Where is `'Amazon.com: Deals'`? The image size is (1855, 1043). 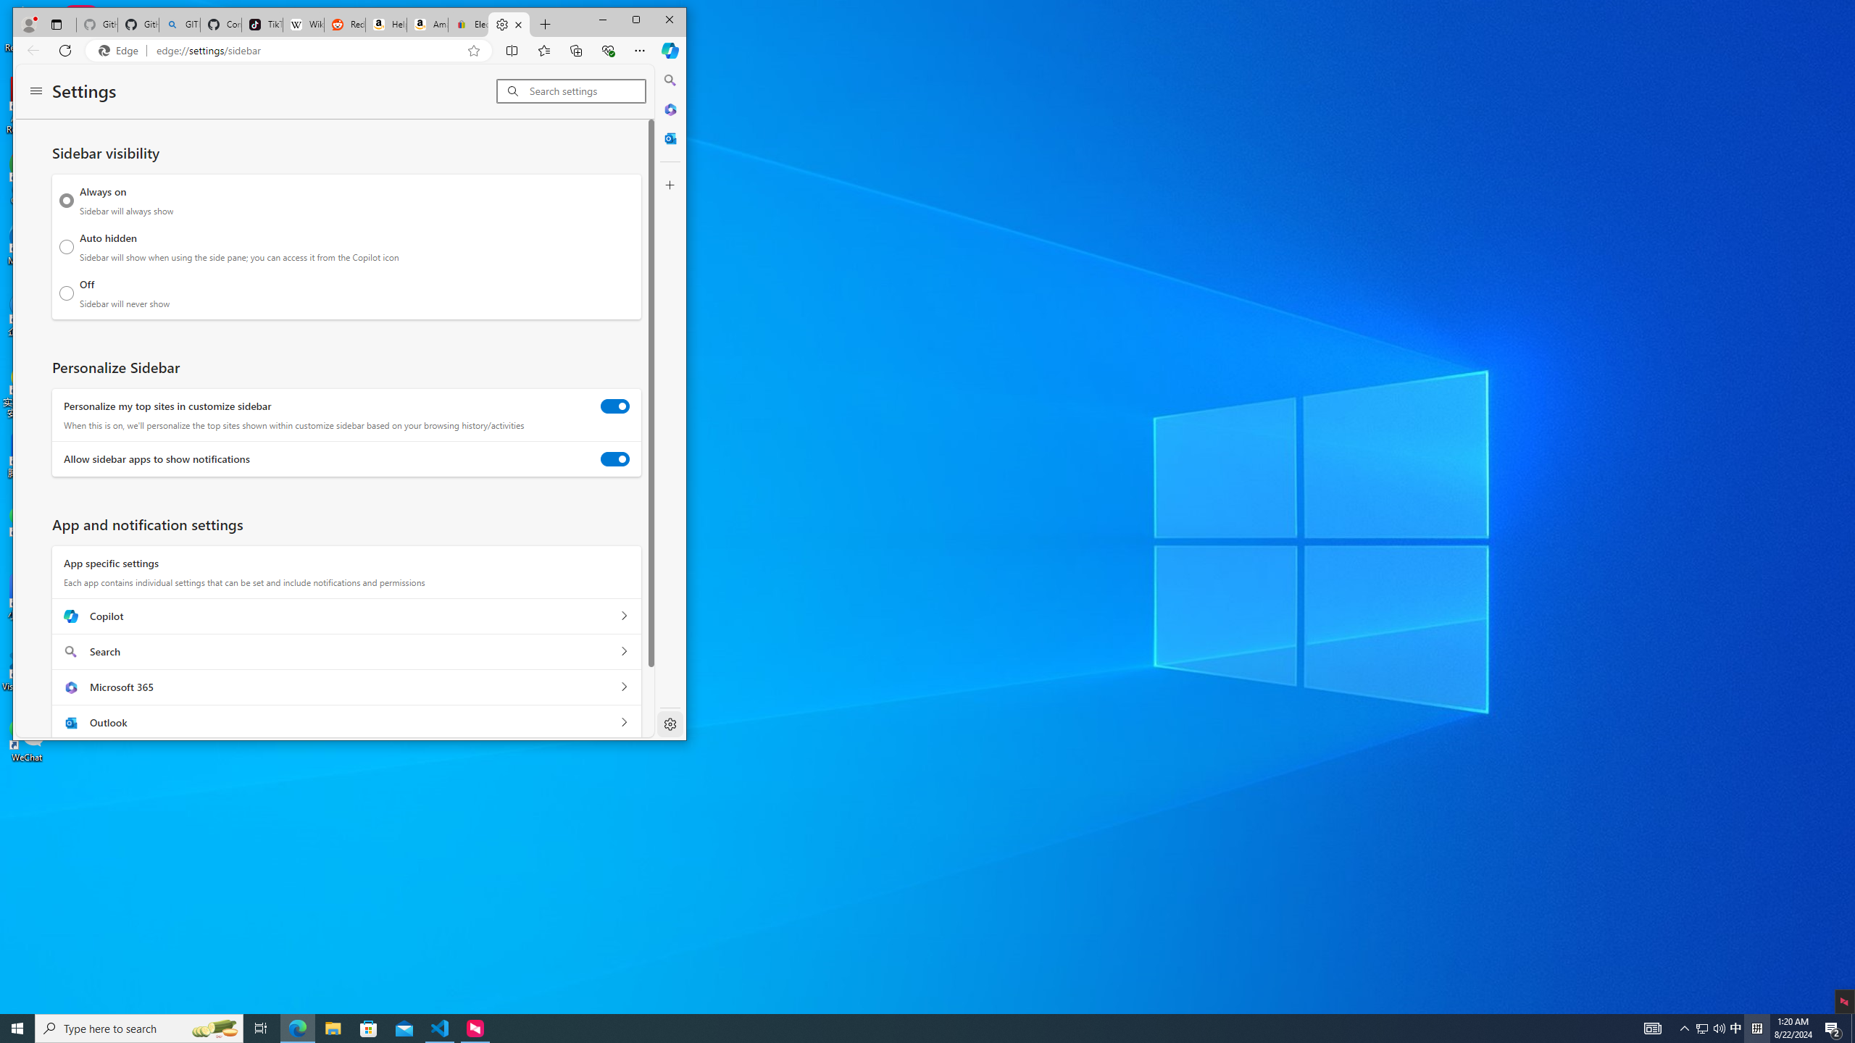 'Amazon.com: Deals' is located at coordinates (428, 25).